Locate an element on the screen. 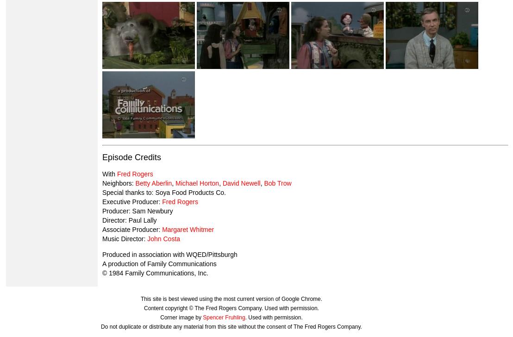 This screenshot has width=513, height=337. 'Special thanks to: Soya Food Products Co.' is located at coordinates (163, 192).